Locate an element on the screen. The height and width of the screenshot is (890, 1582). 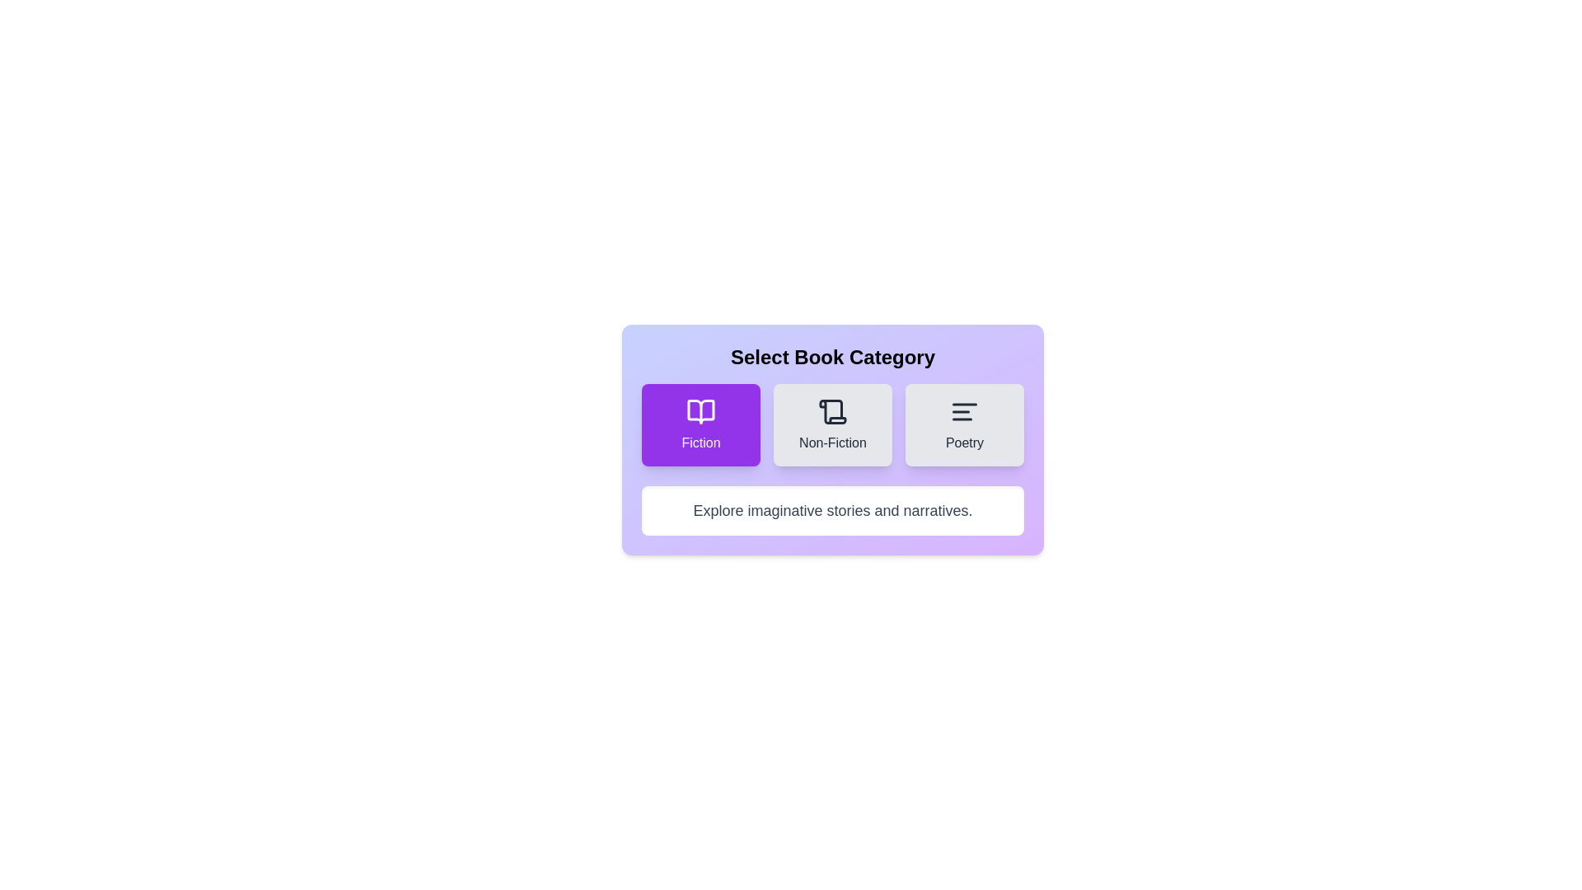
the Fiction button to observe the hover effect is located at coordinates (700, 424).